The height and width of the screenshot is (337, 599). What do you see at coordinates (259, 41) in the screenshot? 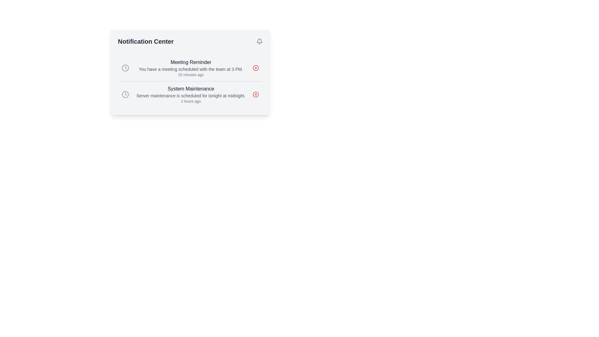
I see `the central carved-out part of the notification bell icon represented by the SVG element` at bounding box center [259, 41].